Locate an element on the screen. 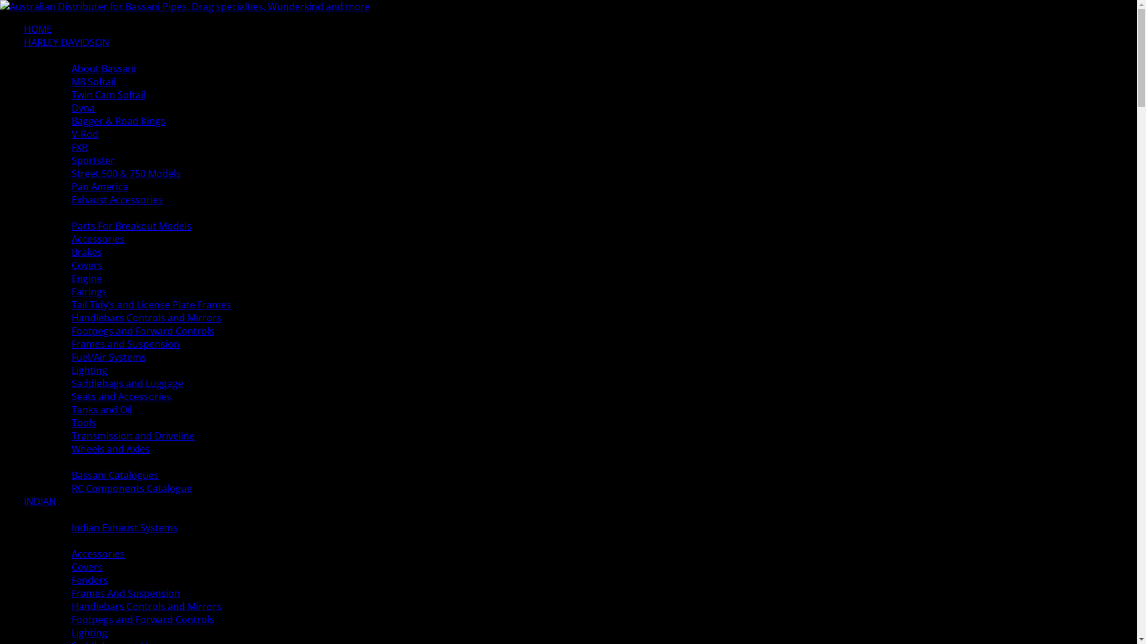 The image size is (1146, 644). 'Tanks and Oil' is located at coordinates (71, 408).